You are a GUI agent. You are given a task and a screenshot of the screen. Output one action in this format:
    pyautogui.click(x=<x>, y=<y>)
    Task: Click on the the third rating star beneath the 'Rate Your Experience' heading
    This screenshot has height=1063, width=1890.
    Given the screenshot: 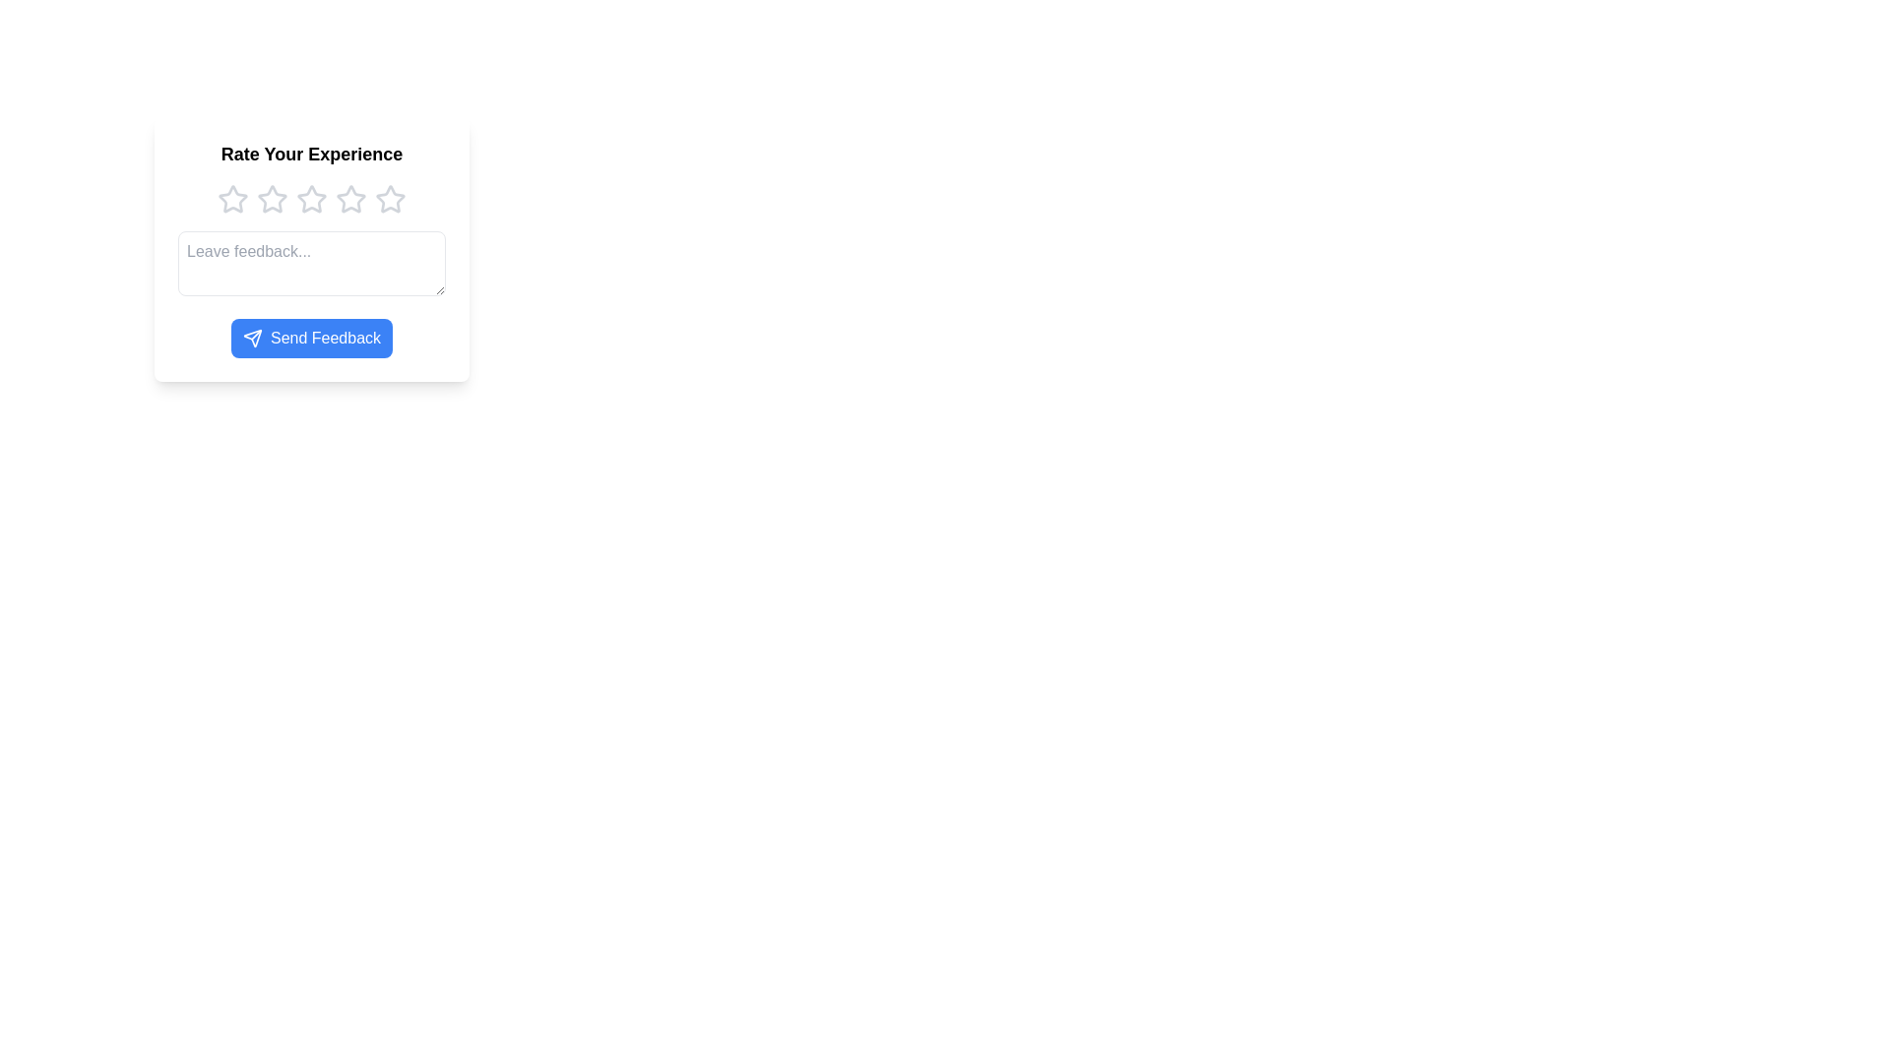 What is the action you would take?
    pyautogui.click(x=310, y=200)
    